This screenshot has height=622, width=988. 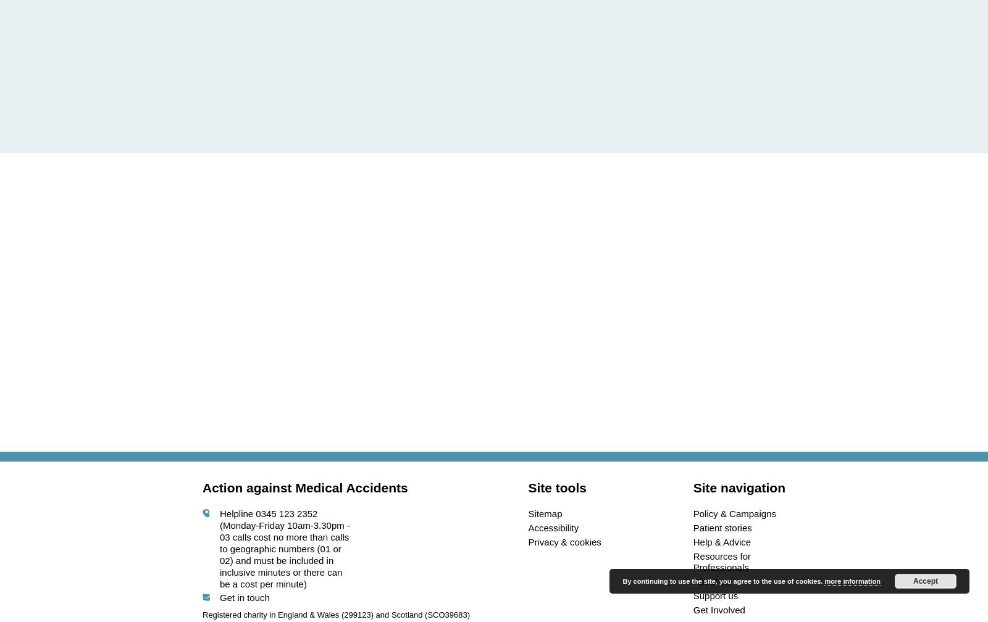 I want to click on 'Help & Advice', so click(x=721, y=541).